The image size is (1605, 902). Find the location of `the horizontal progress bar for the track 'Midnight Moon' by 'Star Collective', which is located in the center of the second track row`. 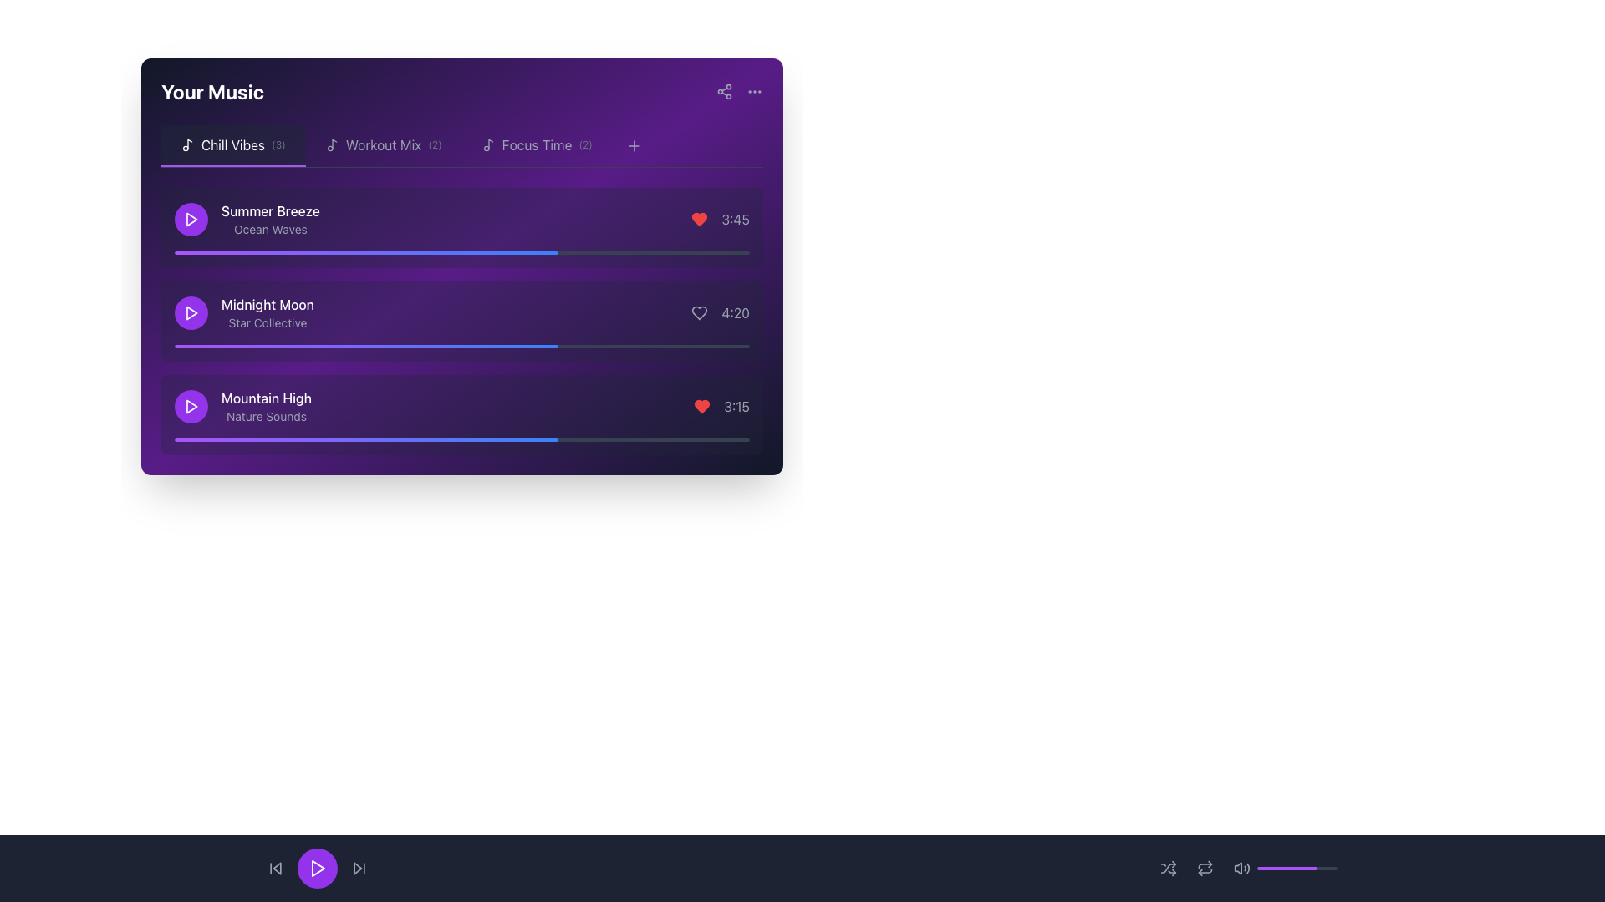

the horizontal progress bar for the track 'Midnight Moon' by 'Star Collective', which is located in the center of the second track row is located at coordinates (461, 266).